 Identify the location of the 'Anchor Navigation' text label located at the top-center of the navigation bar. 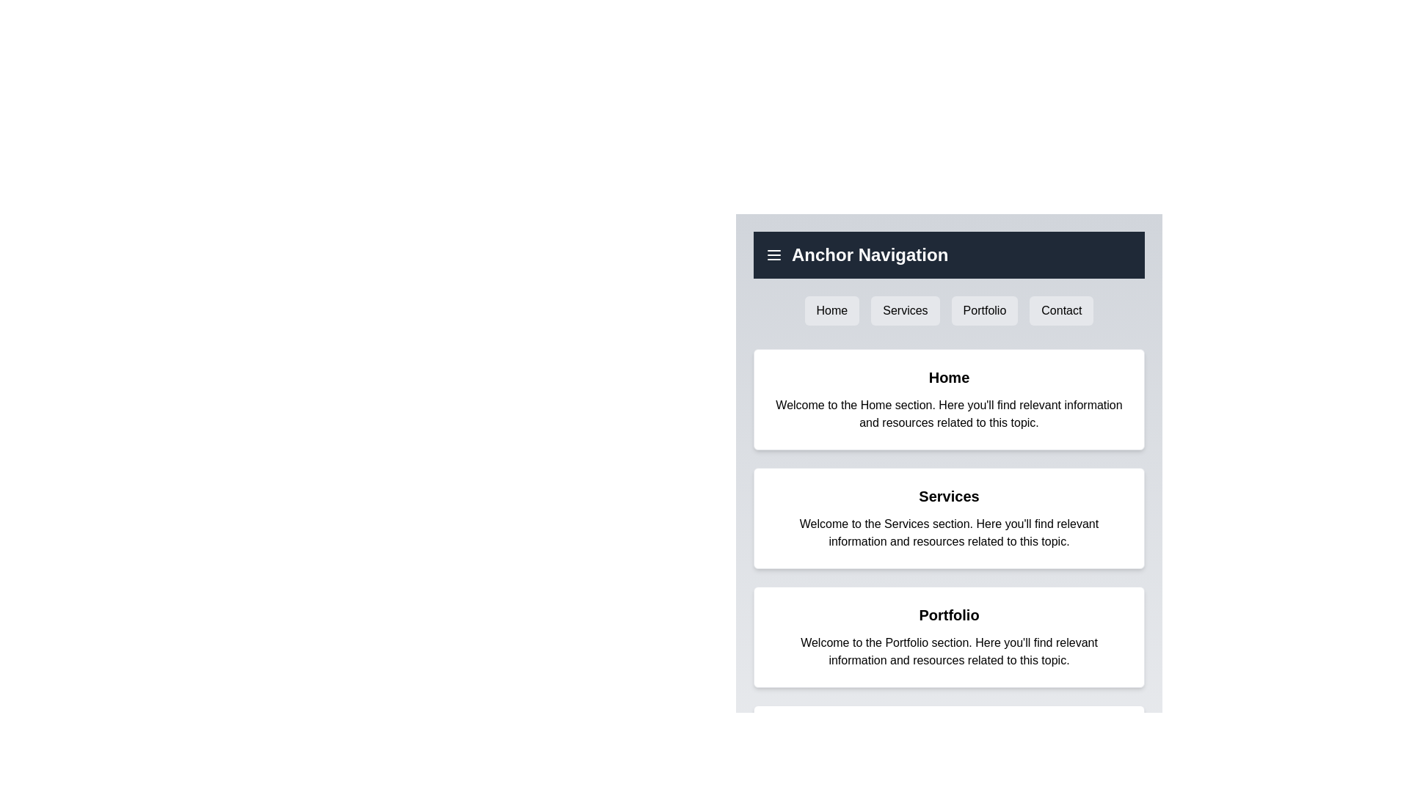
(870, 254).